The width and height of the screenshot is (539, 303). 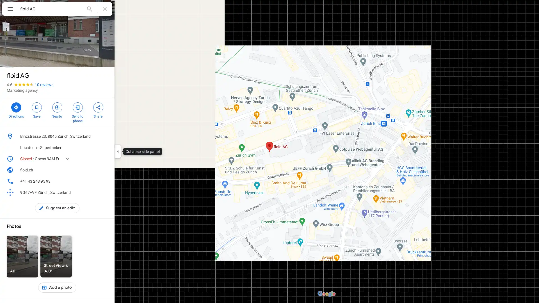 I want to click on Marketing agency, so click(x=22, y=90).